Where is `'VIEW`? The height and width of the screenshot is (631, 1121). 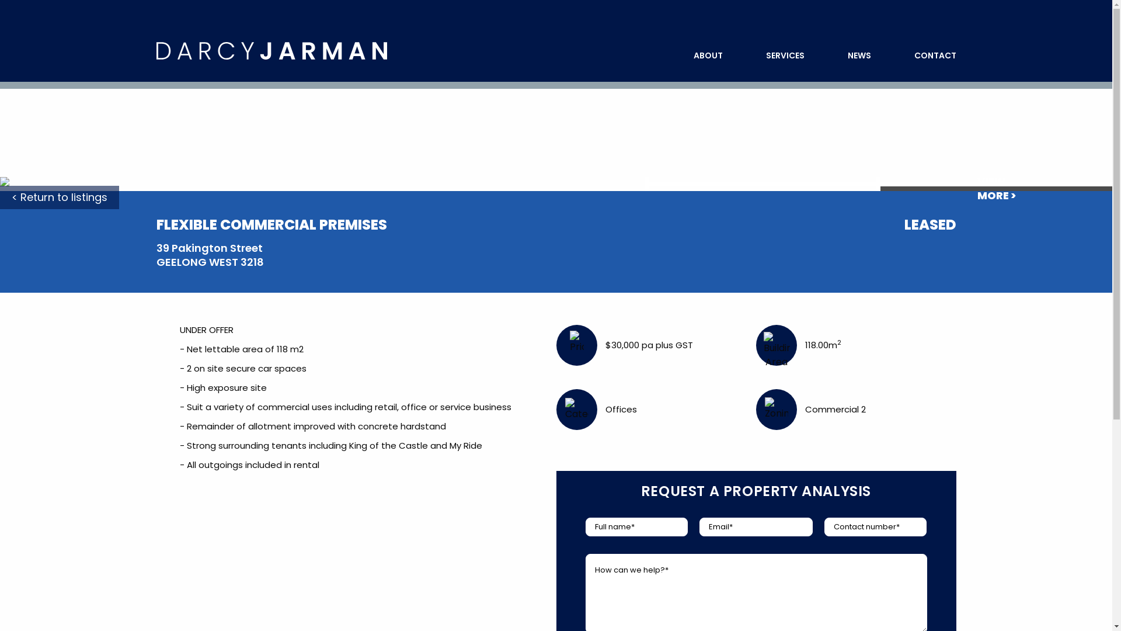 'VIEW is located at coordinates (995, 188).